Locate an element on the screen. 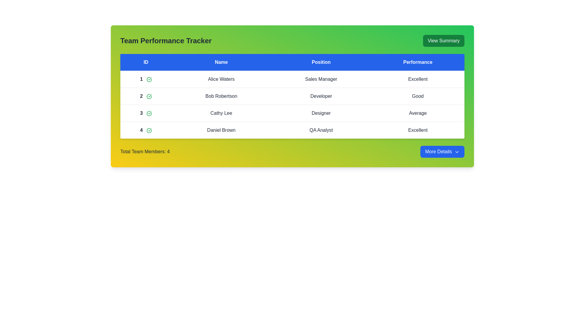 Image resolution: width=572 pixels, height=322 pixels. the 'More Details' button to reveal additional information is located at coordinates (442, 151).